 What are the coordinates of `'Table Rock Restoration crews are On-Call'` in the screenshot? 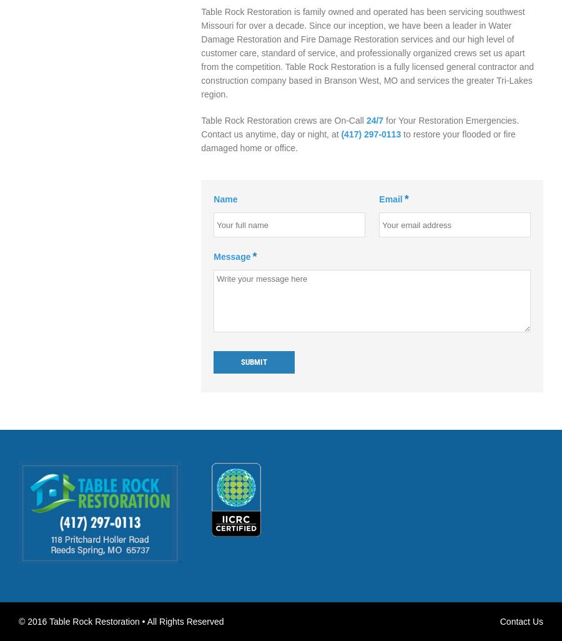 It's located at (282, 119).